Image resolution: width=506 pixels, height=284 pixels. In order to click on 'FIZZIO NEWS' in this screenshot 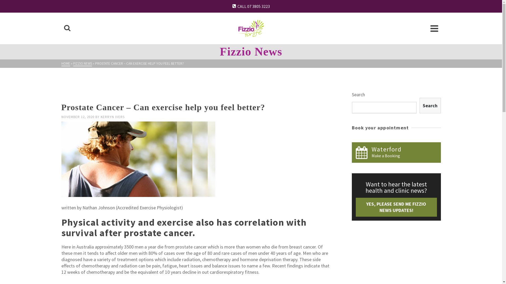, I will do `click(82, 63)`.